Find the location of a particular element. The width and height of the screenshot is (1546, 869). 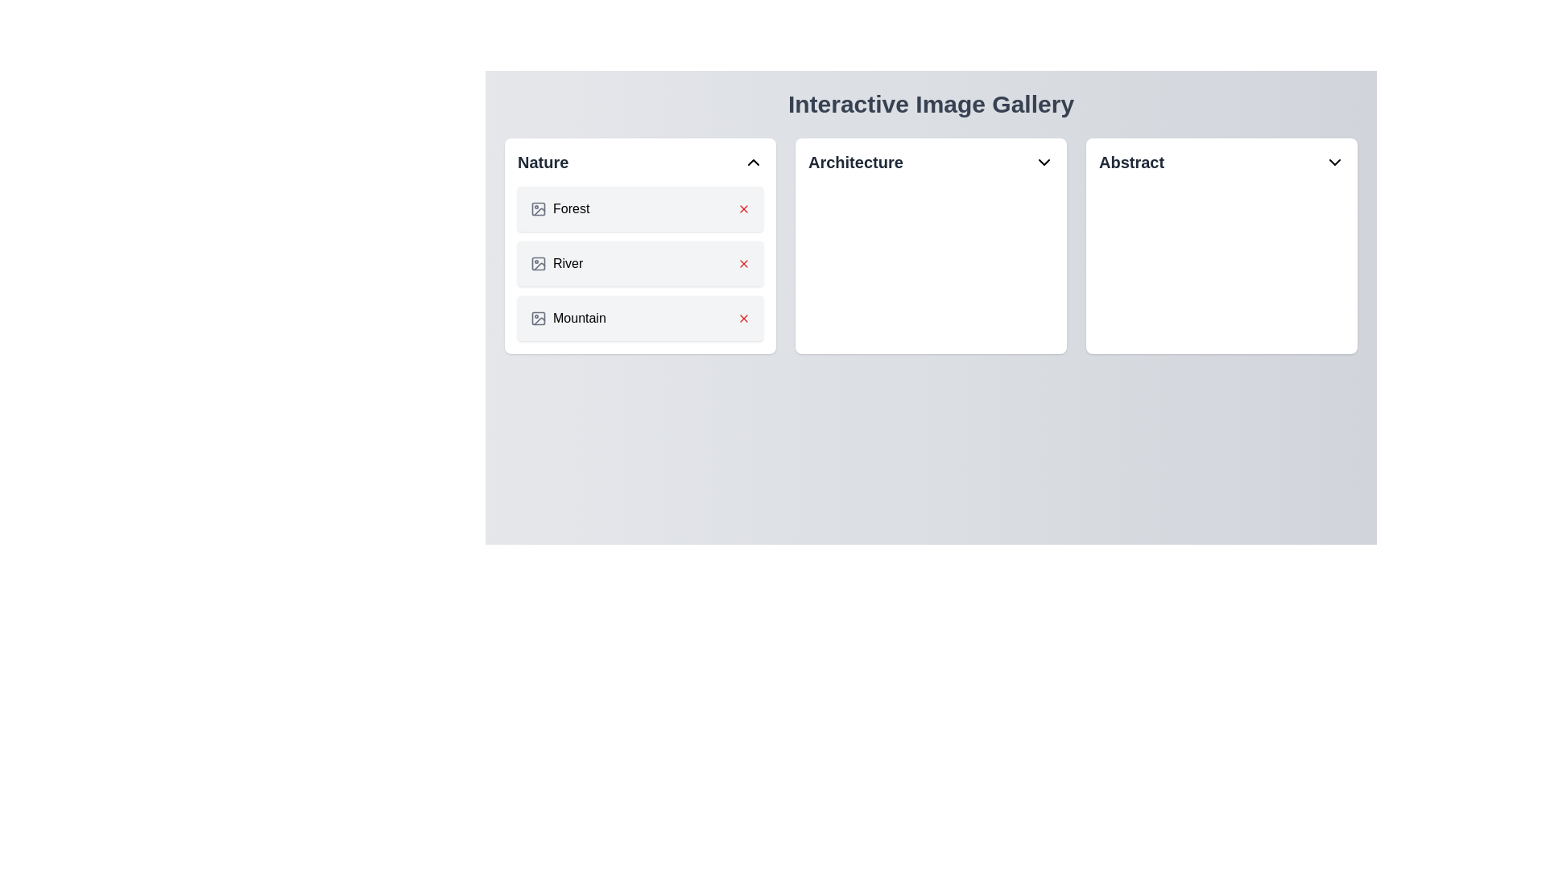

the downward-pointing chevron icon with a bold black outline next to the text 'Abstract' is located at coordinates (1334, 162).